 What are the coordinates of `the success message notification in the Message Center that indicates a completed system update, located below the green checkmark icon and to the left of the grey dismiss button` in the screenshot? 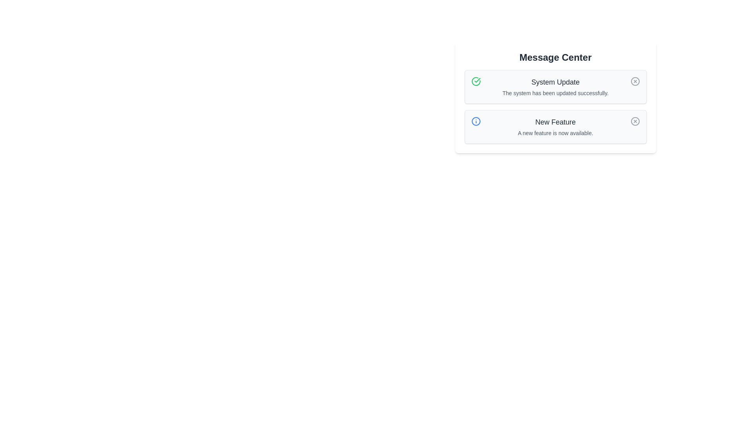 It's located at (555, 87).